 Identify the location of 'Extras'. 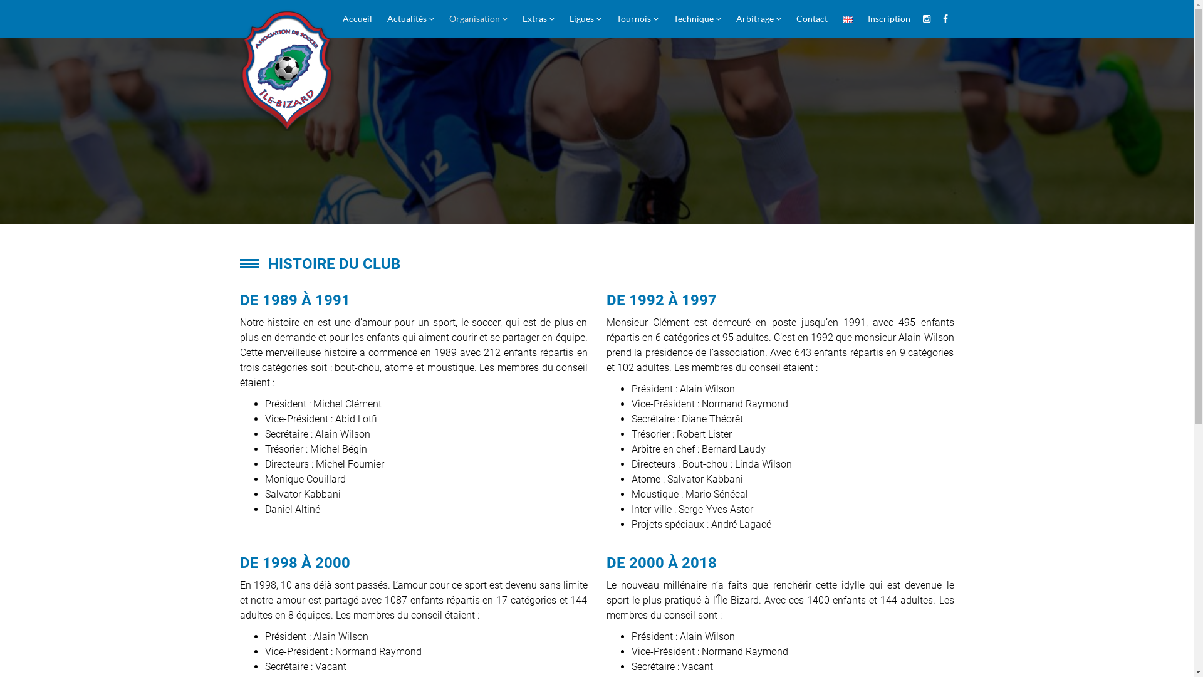
(538, 19).